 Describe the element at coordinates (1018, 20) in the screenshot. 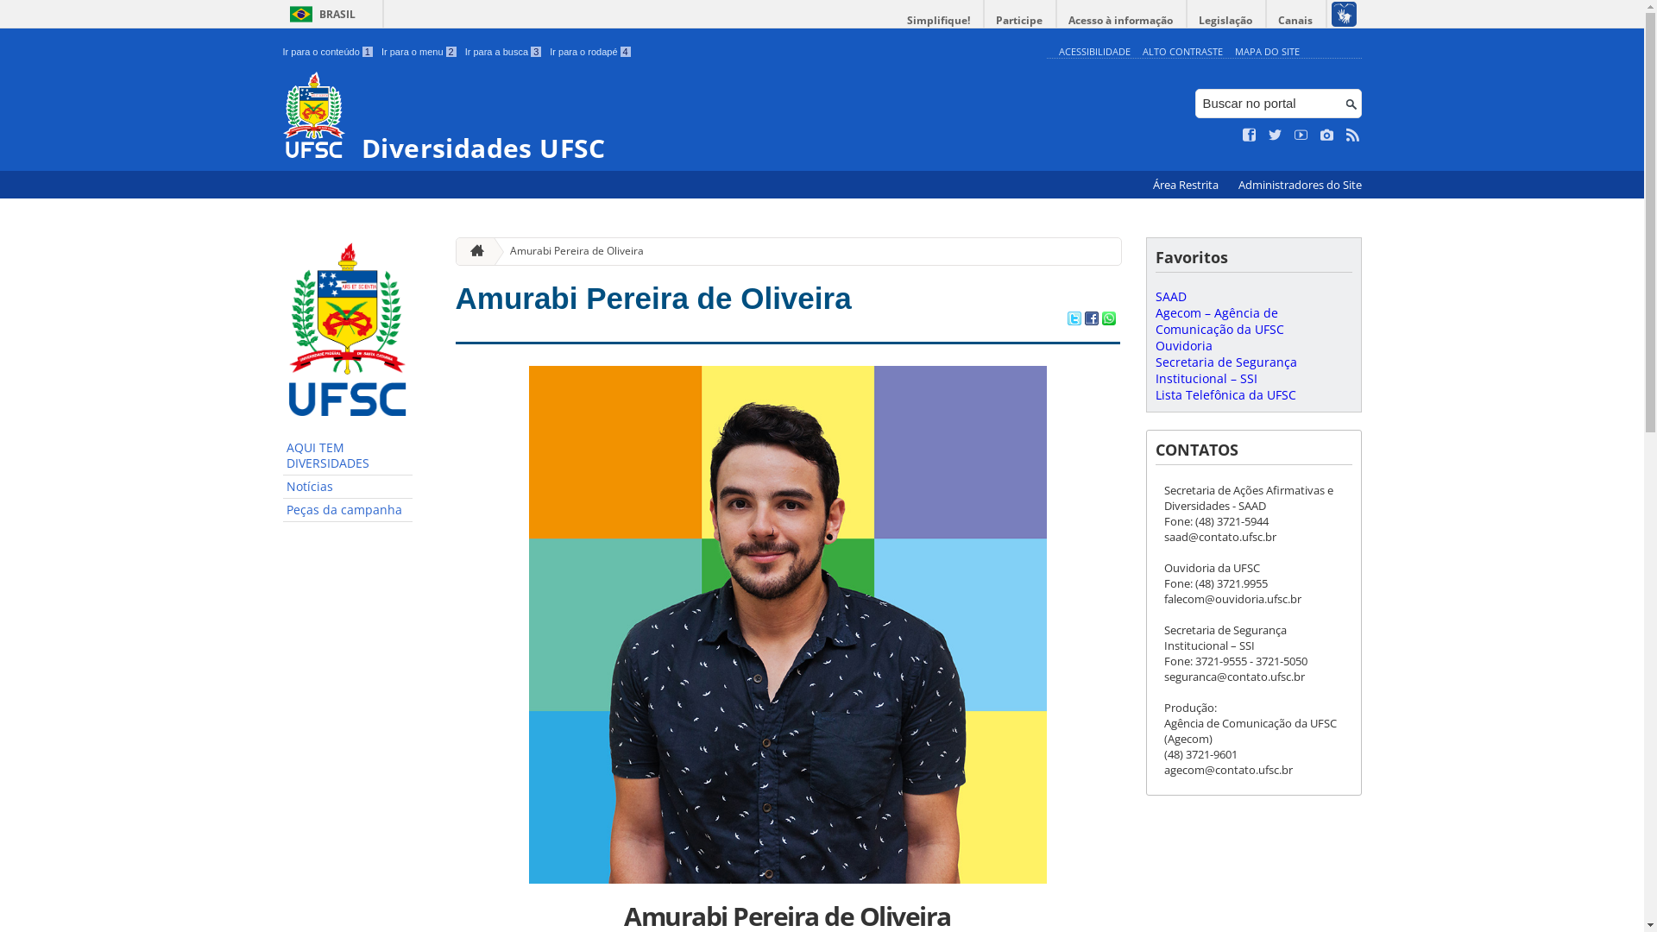

I see `'Participe'` at that location.